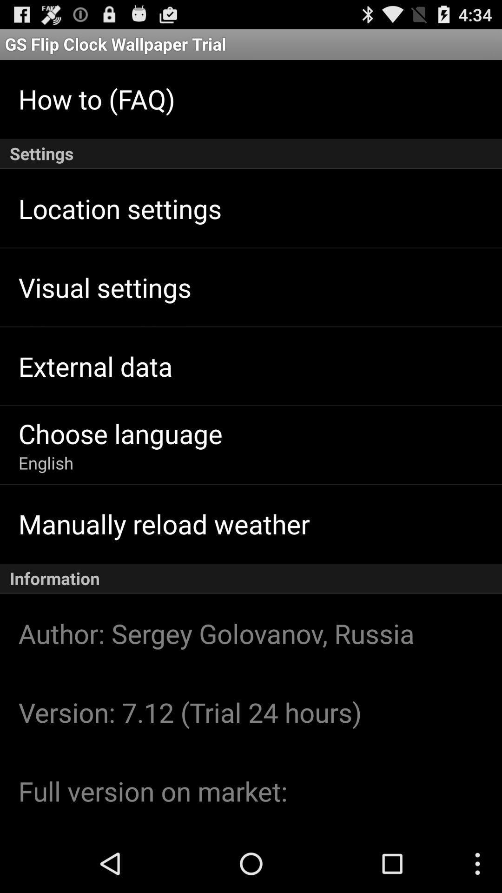 The width and height of the screenshot is (502, 893). Describe the element at coordinates (216, 633) in the screenshot. I see `icon below the information` at that location.